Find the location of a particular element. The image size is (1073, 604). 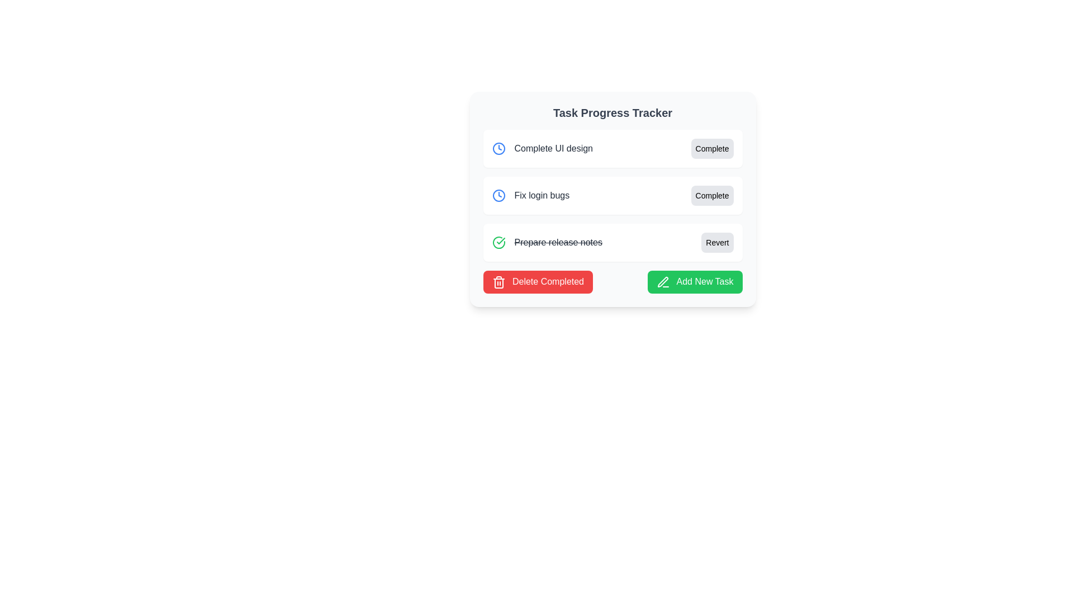

text content of the medium-sized gray text label displaying 'Fix login bugs', which is positioned as the second task item in the task tracking interface is located at coordinates (542, 195).